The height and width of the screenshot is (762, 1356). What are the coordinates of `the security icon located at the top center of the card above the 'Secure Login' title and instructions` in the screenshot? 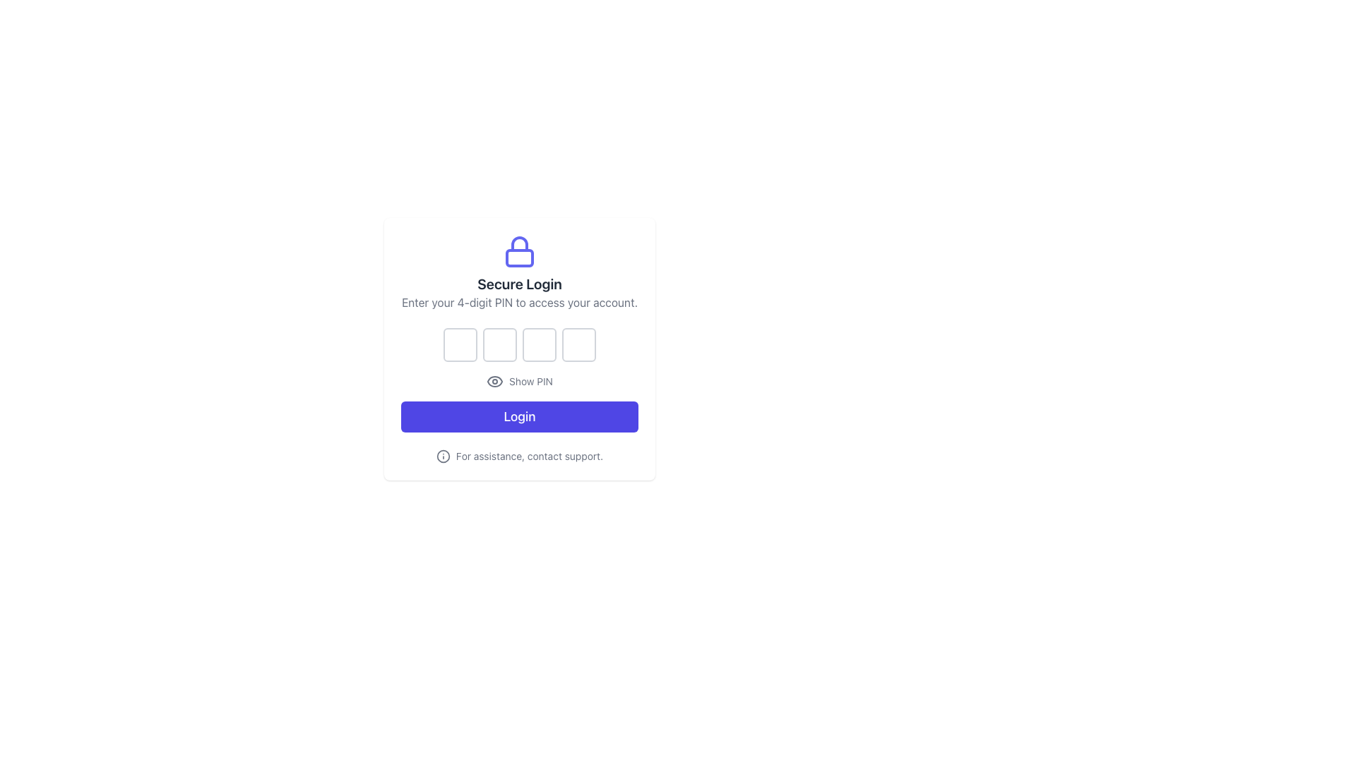 It's located at (518, 251).